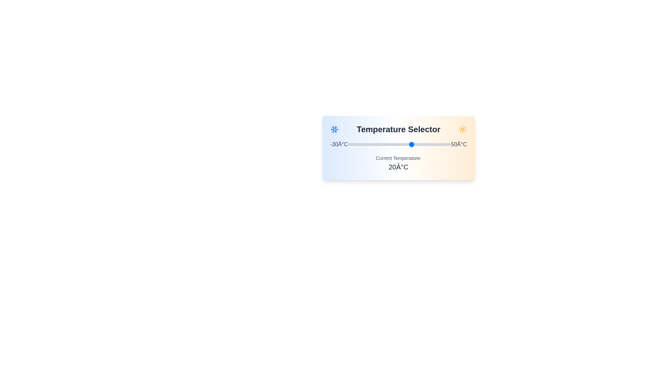 The image size is (656, 369). What do you see at coordinates (403, 144) in the screenshot?
I see `the temperature` at bounding box center [403, 144].